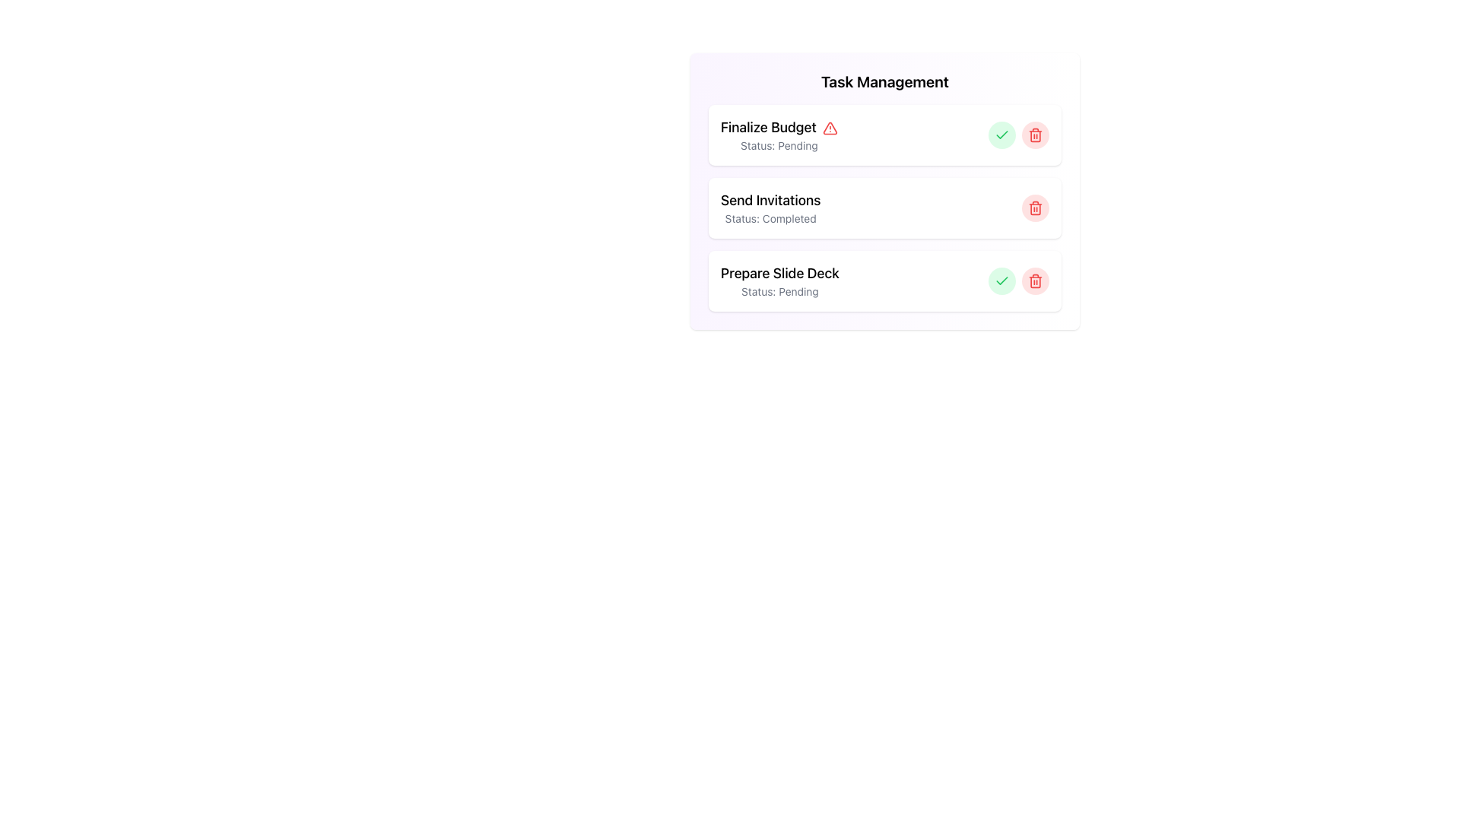 The image size is (1460, 821). Describe the element at coordinates (1035, 208) in the screenshot. I see `the second red trashcan icon in the task list` at that location.